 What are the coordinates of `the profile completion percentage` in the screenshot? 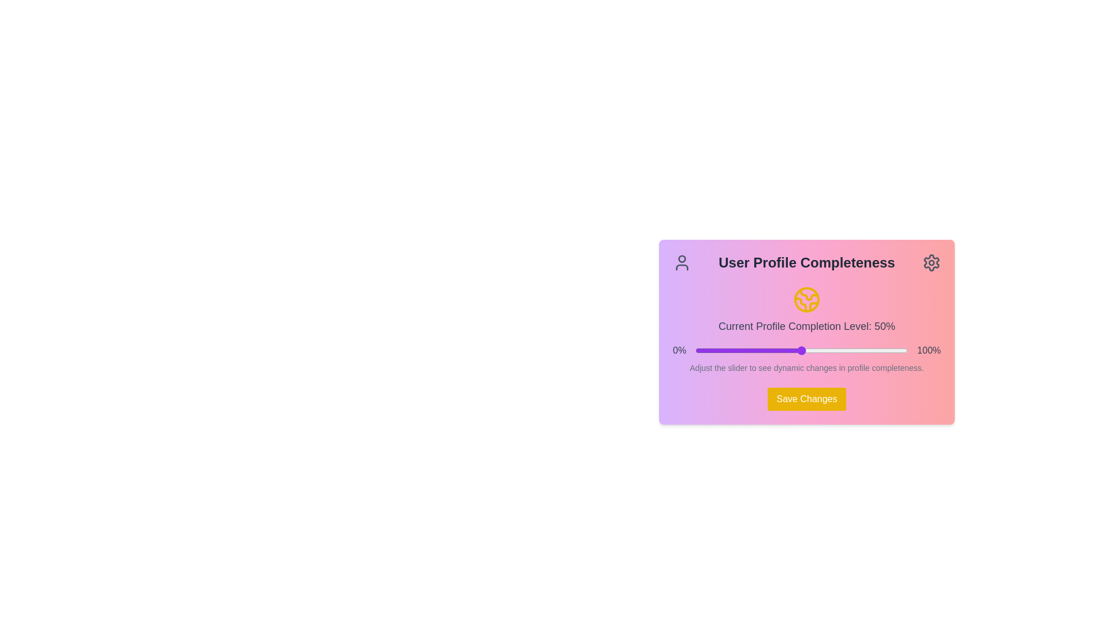 It's located at (776, 350).